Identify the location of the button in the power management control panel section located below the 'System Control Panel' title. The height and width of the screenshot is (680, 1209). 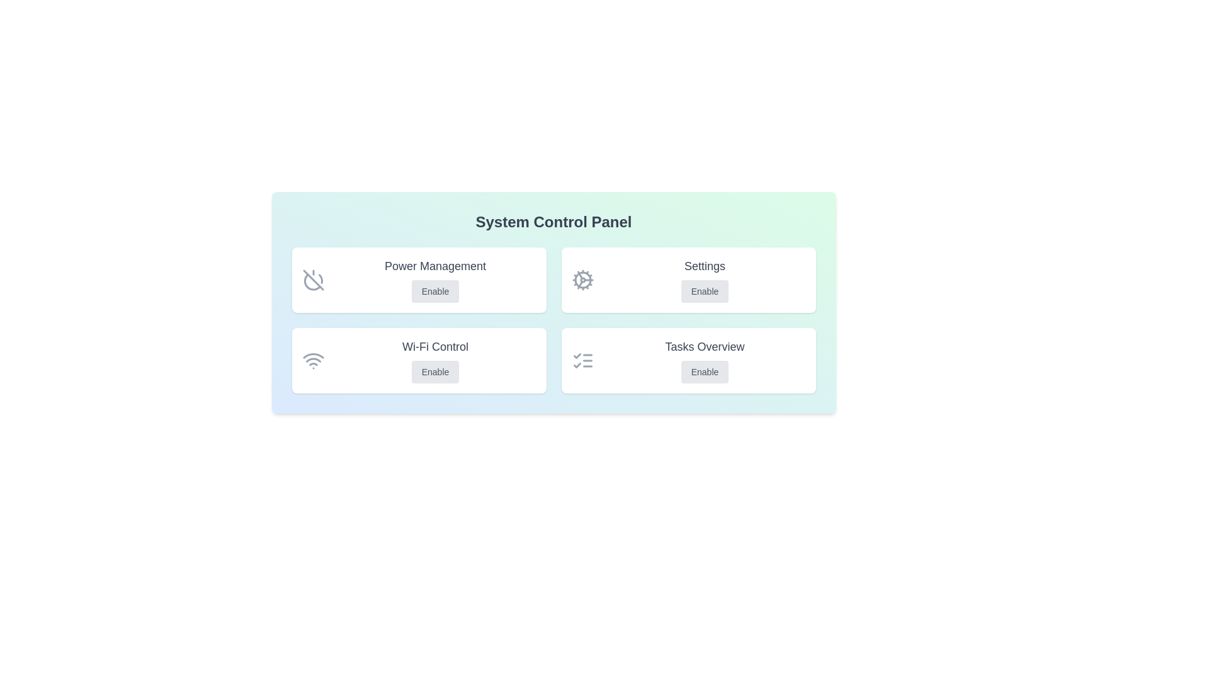
(435, 279).